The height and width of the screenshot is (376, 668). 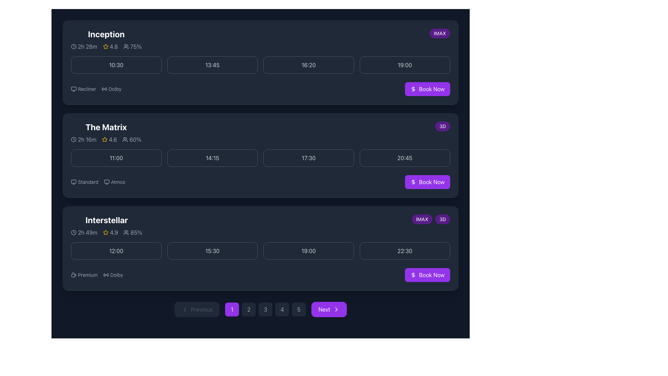 What do you see at coordinates (110, 232) in the screenshot?
I see `the Rating display for the movie 'Interstellar', which is located between the runtime '2h 49m' and the percentage rating '85%'` at bounding box center [110, 232].